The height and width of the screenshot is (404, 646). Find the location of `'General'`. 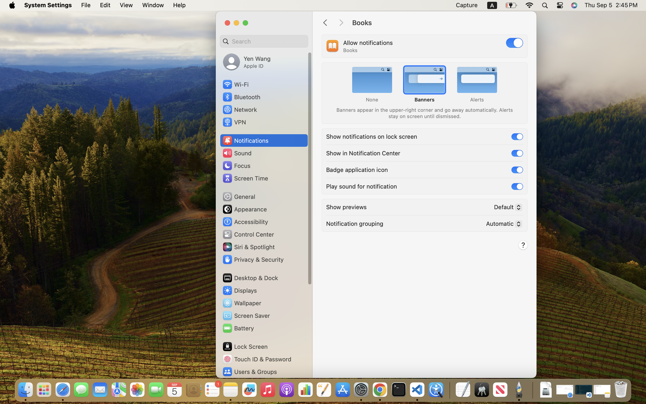

'General' is located at coordinates (238, 196).